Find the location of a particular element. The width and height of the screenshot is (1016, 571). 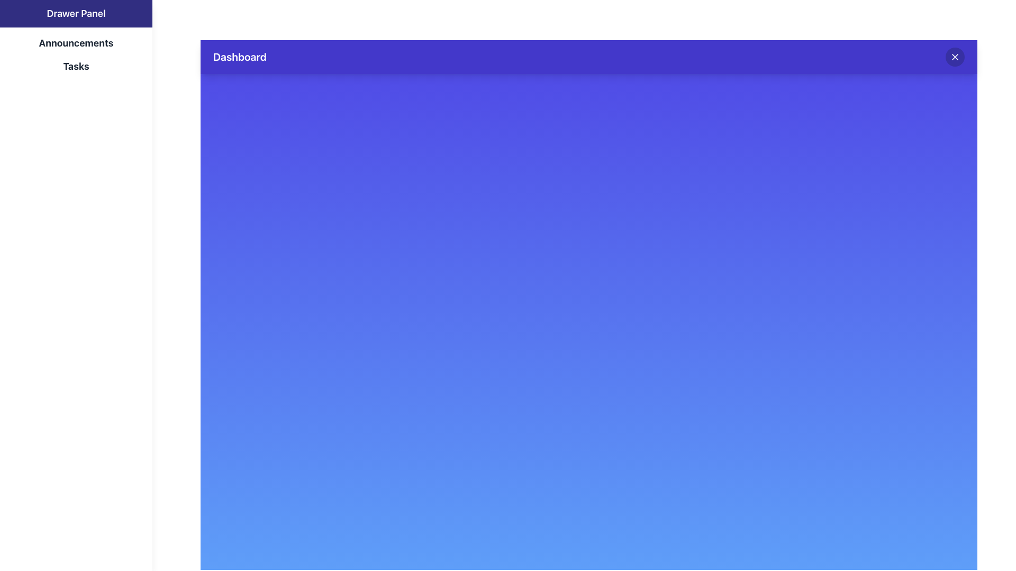

the close icon in the rounded button located at the top-right corner of the header section is located at coordinates (955, 57).